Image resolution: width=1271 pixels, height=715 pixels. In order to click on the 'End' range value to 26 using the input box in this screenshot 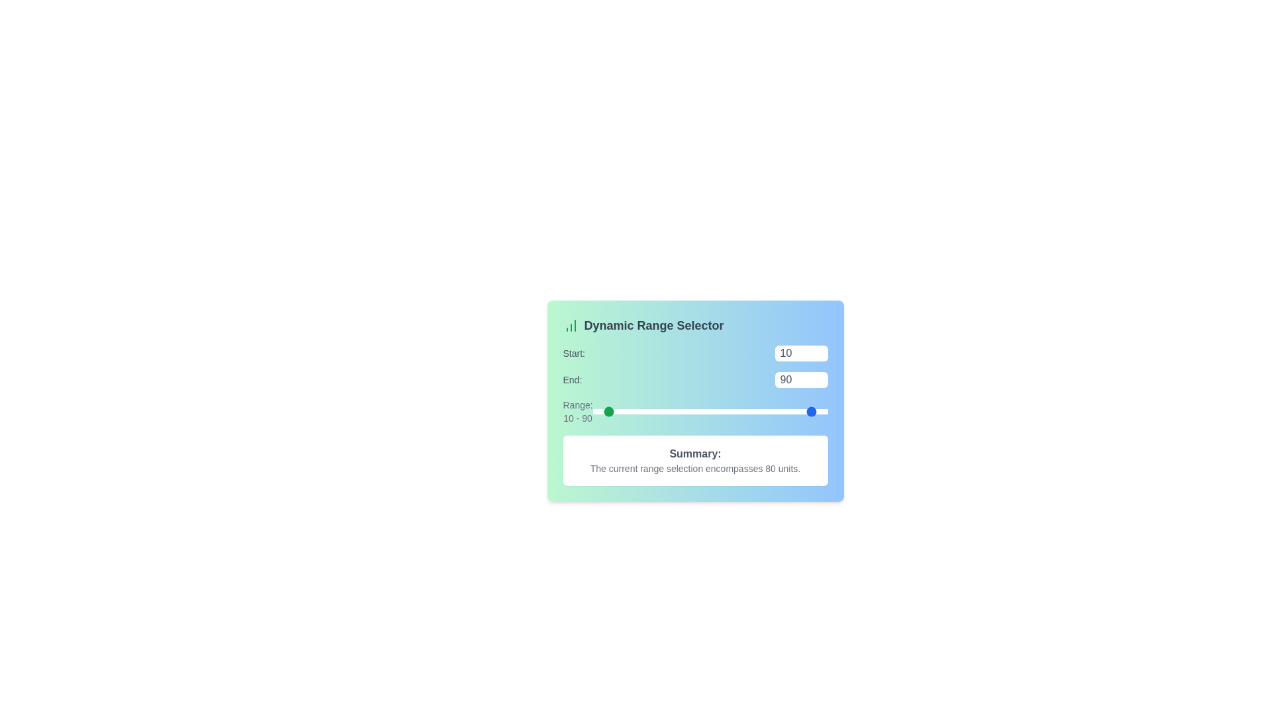, I will do `click(800, 380)`.